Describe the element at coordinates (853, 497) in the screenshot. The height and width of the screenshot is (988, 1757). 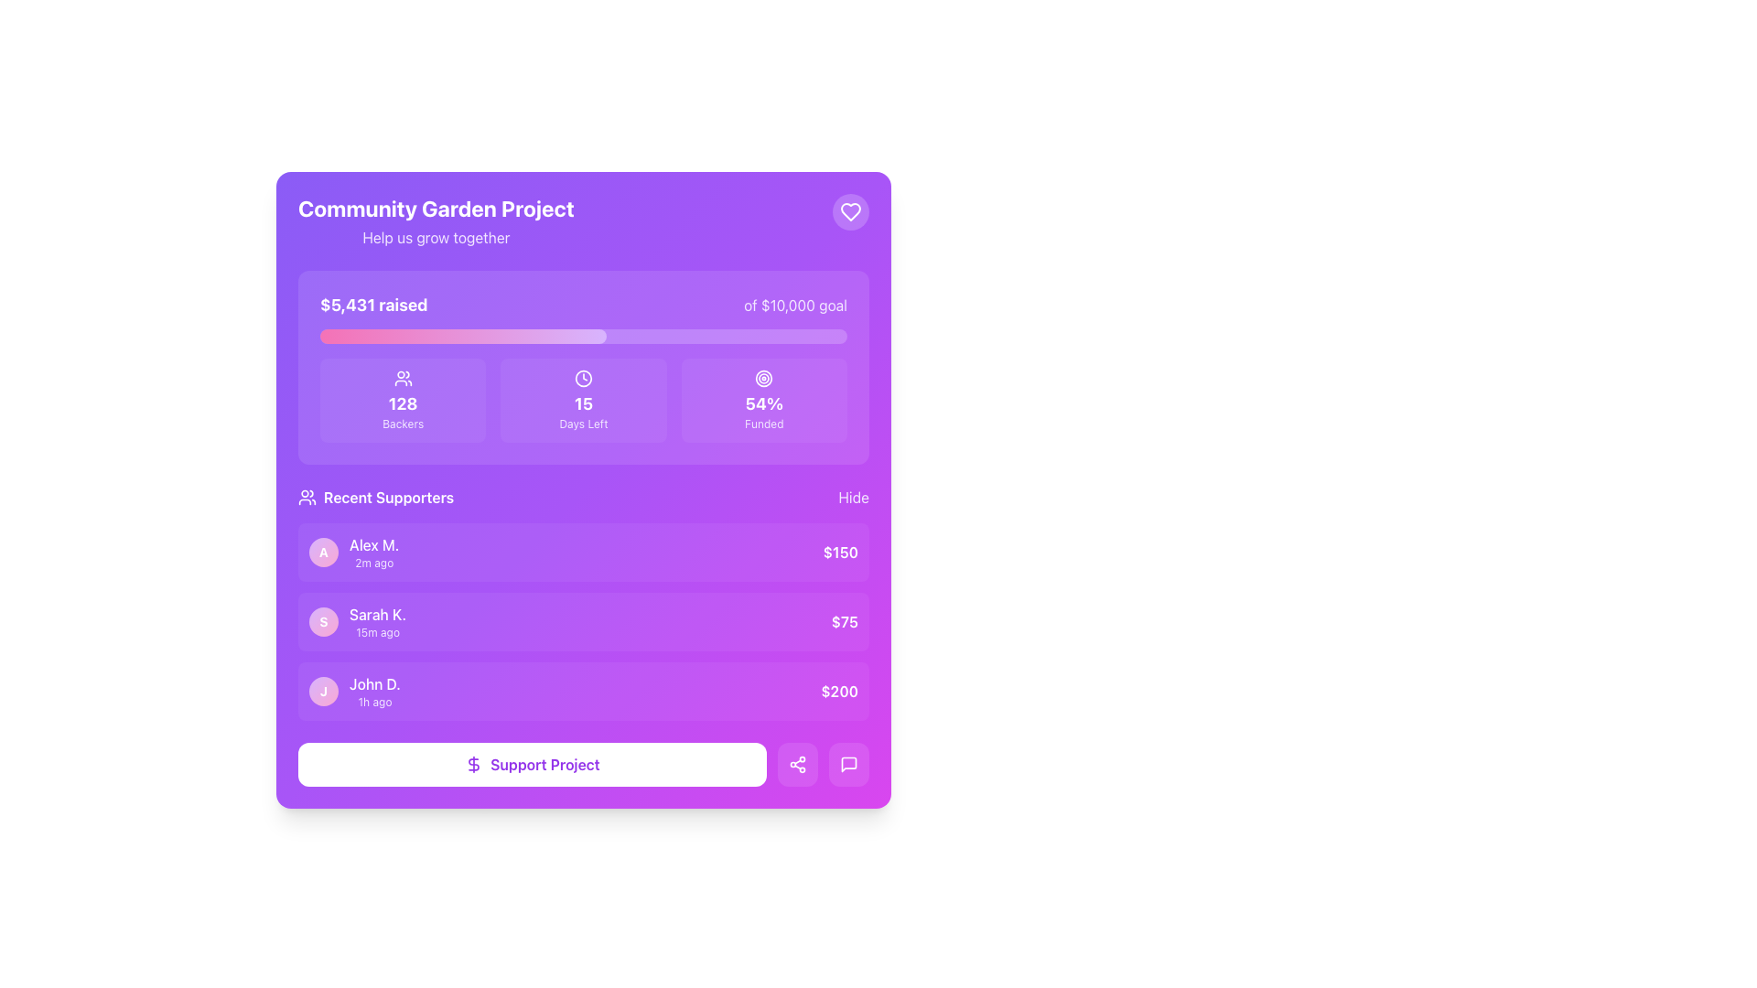
I see `the button that hides the 'Recent Supporters' section` at that location.